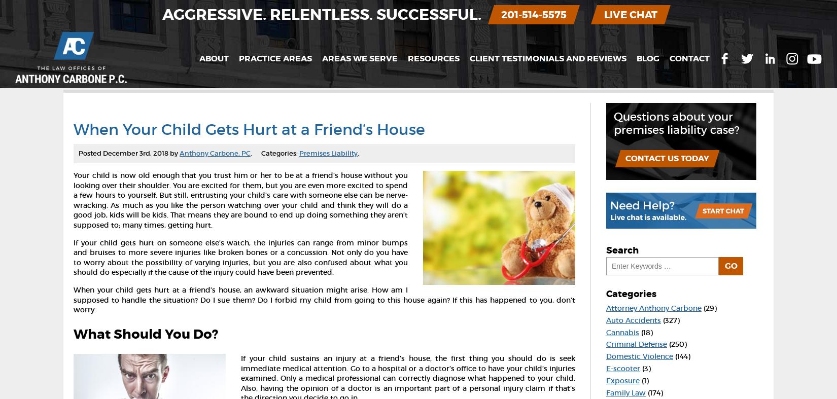  I want to click on 'Anthony Carbone, PC', so click(215, 152).